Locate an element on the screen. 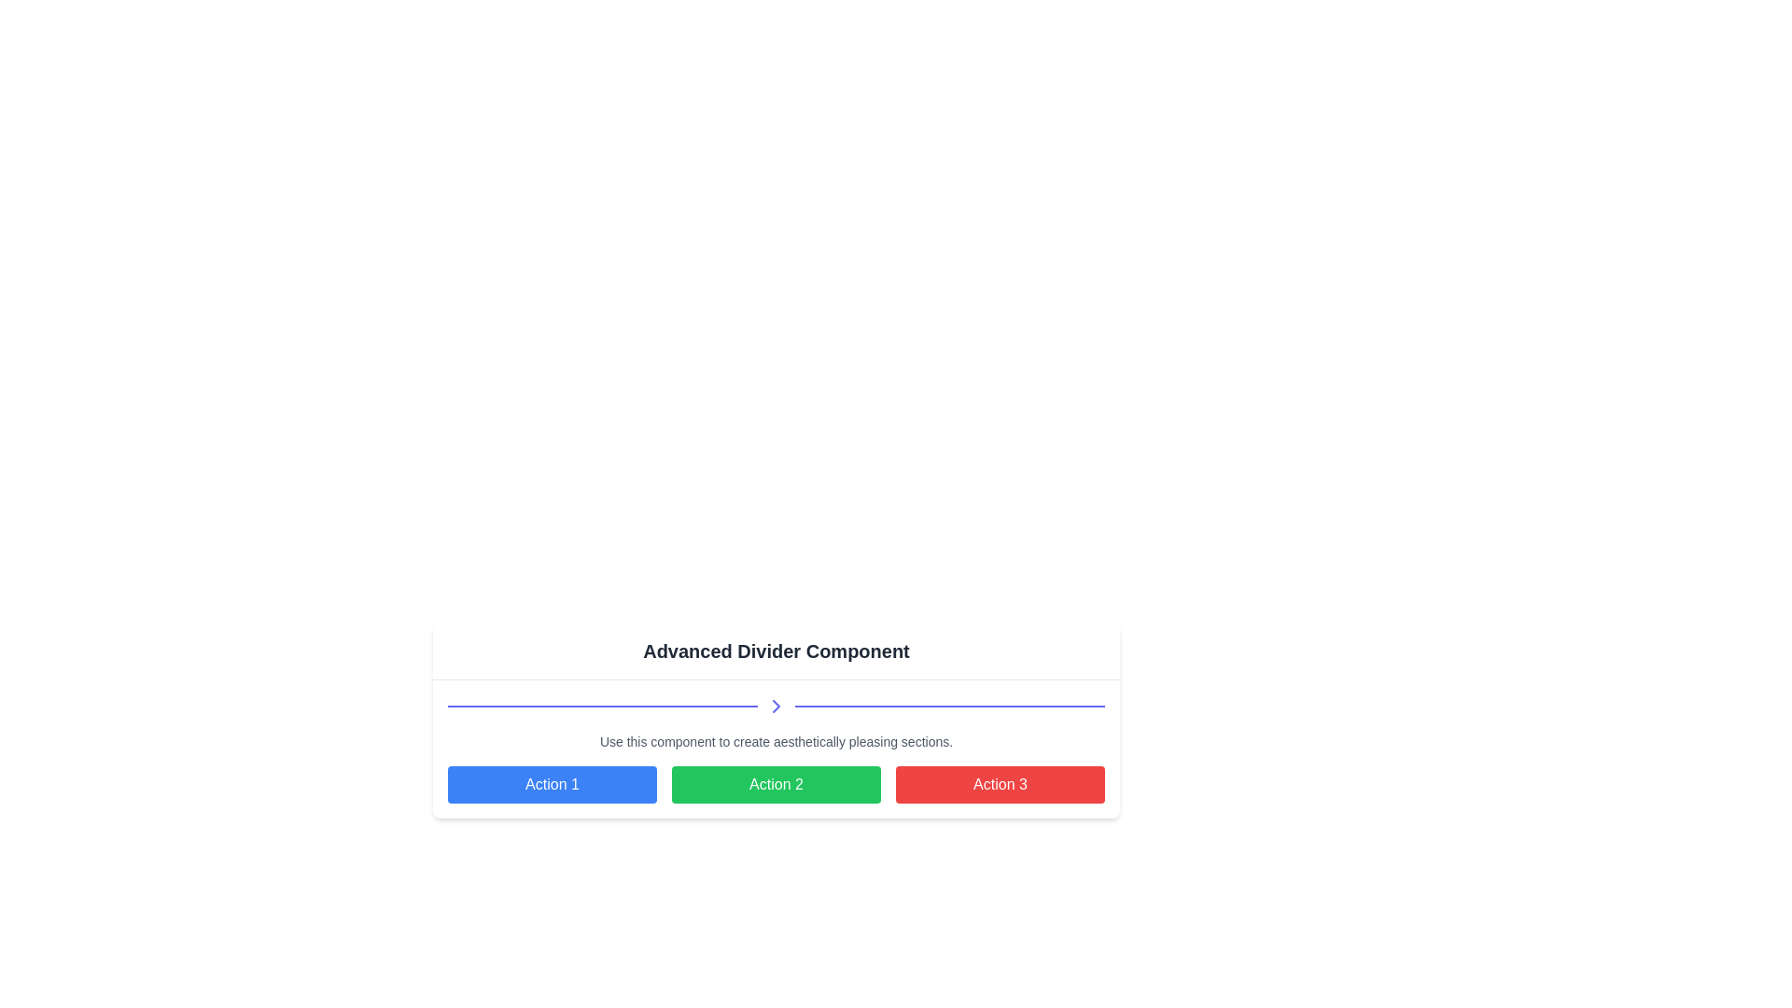 The image size is (1792, 1008). the static text label that reads 'Use this component to create aesthetically pleasing sections.' which is positioned below a decorative element and above three action buttons is located at coordinates (776, 740).